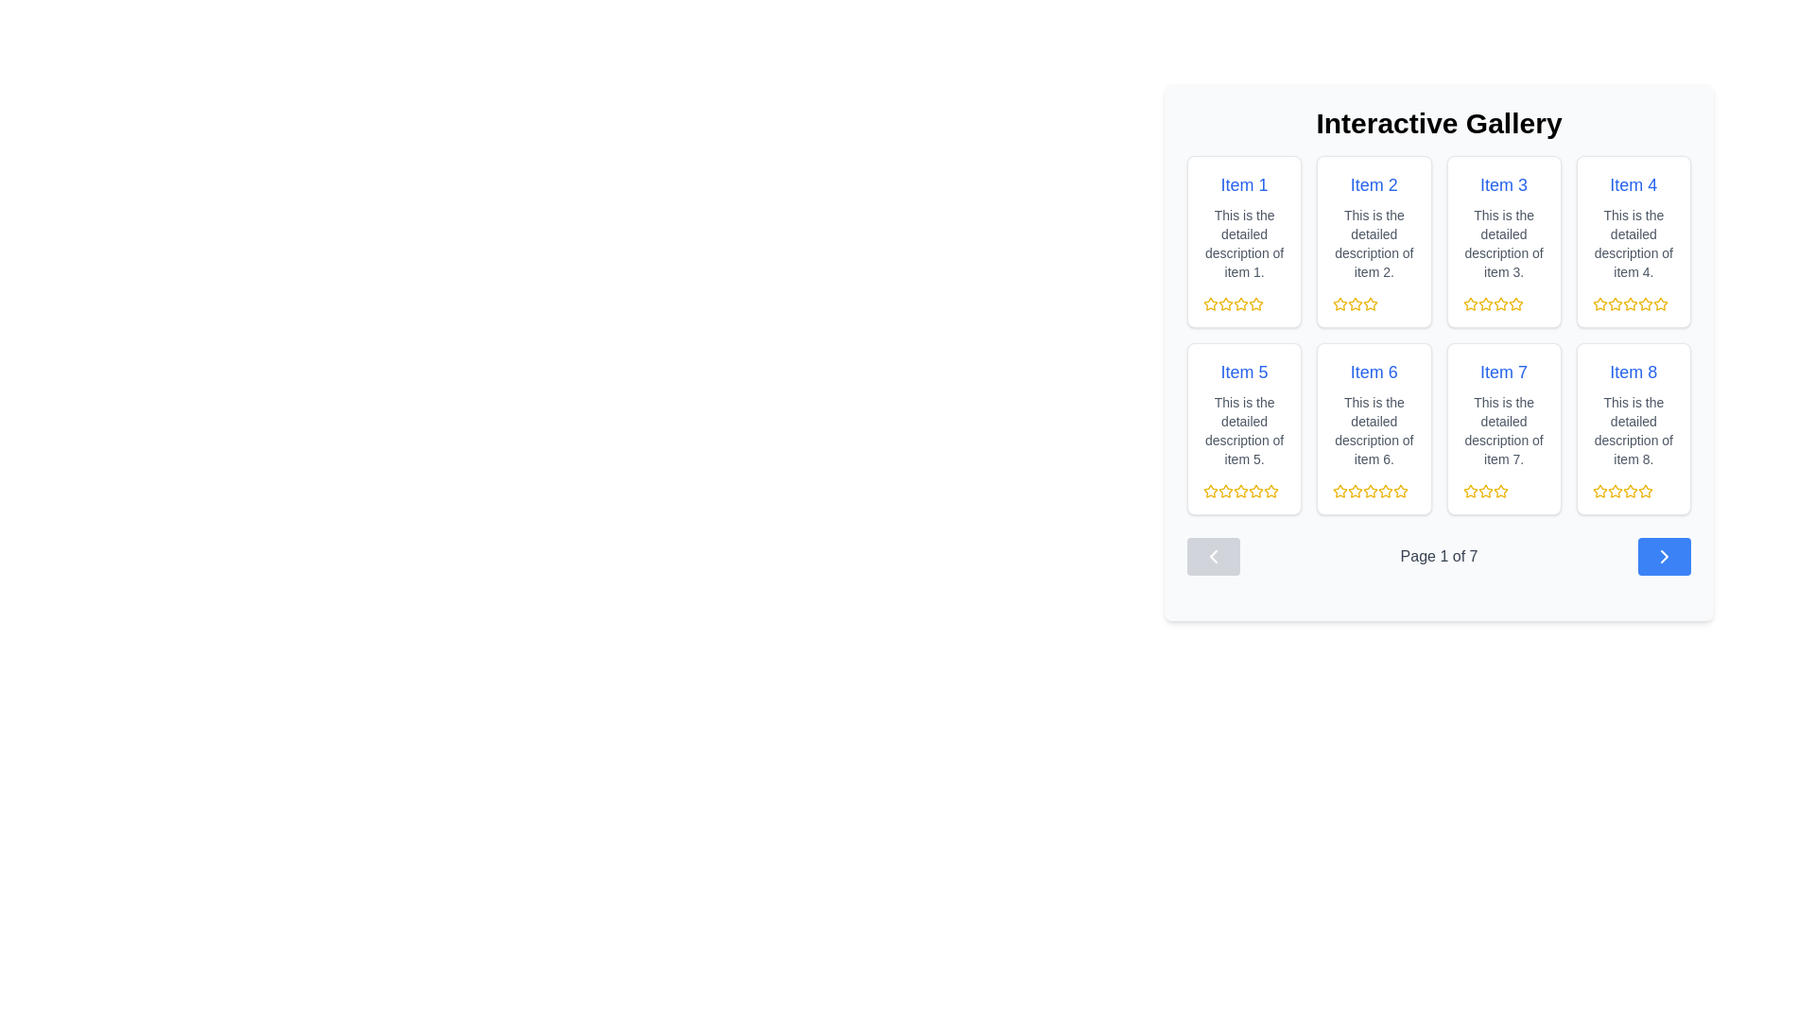  I want to click on the fourth filled yellow star icon used for rating, located below the title and description of 'Item 4', so click(1629, 303).